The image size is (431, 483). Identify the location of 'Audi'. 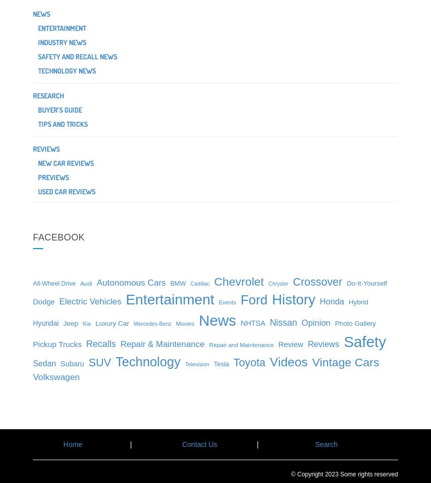
(86, 283).